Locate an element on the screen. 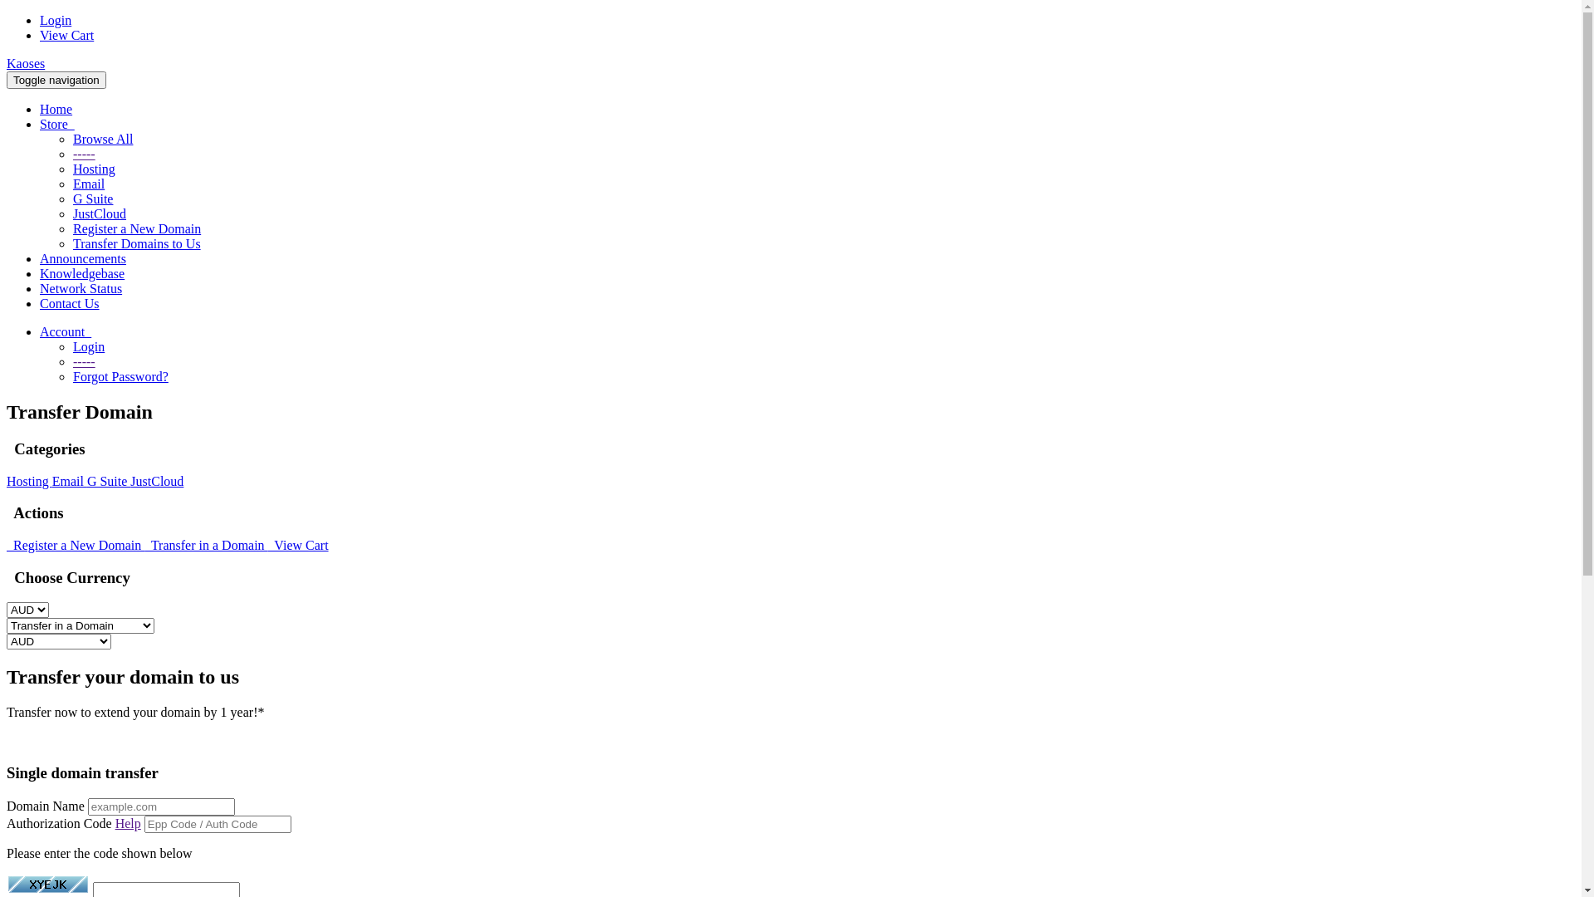 This screenshot has width=1594, height=897. '  Register a New Domain' is located at coordinates (75, 545).